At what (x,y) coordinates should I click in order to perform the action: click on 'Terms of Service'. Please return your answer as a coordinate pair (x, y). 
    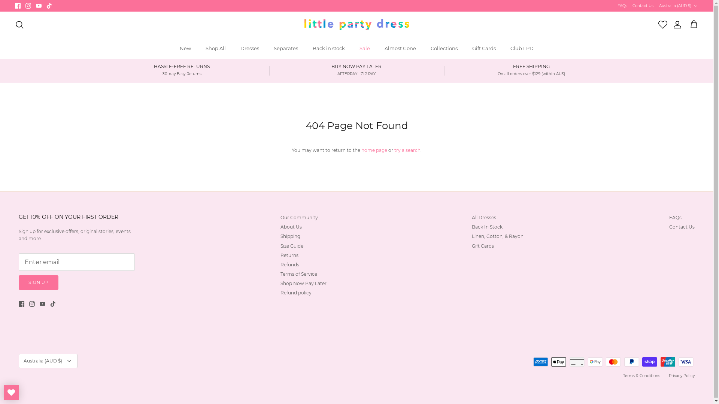
    Looking at the image, I should click on (298, 274).